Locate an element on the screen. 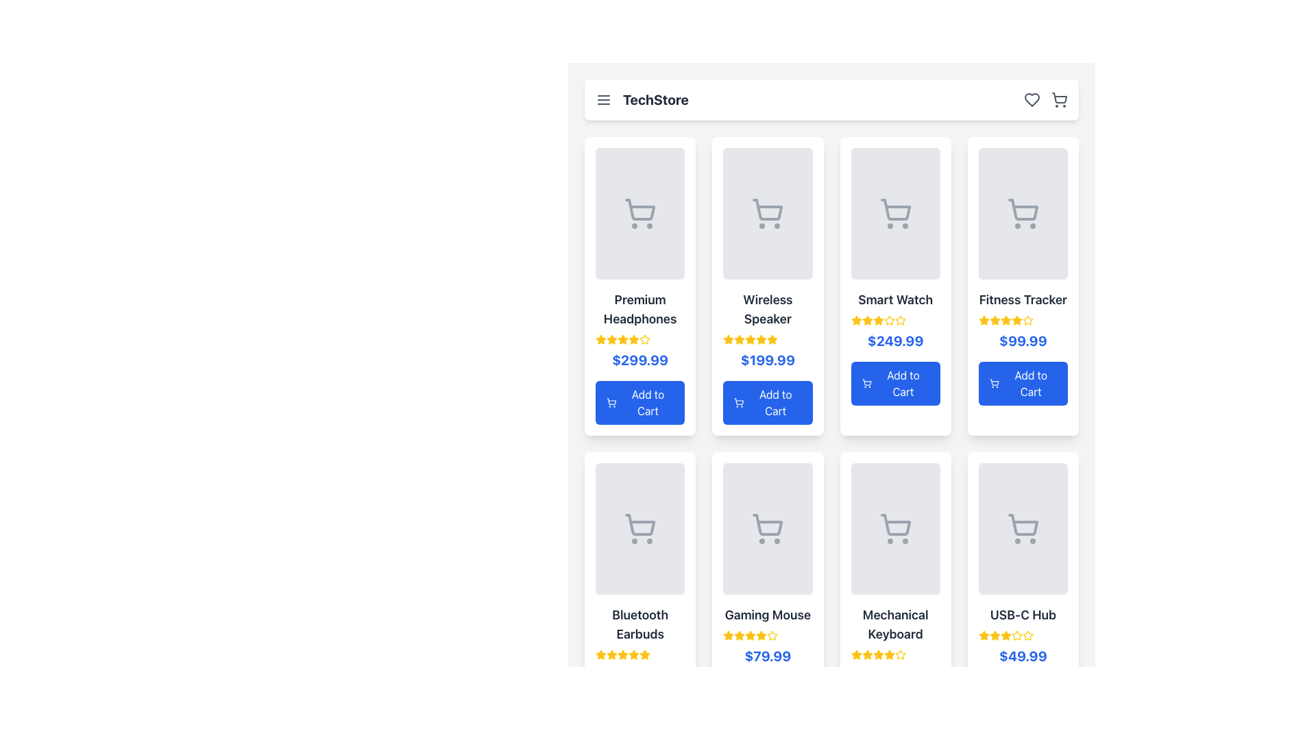 The width and height of the screenshot is (1316, 740). the shopping cart icon located in the bottom-left card under the 'Bluetooth Earbuds' header and above the 'Add to Cart' button is located at coordinates (639, 528).